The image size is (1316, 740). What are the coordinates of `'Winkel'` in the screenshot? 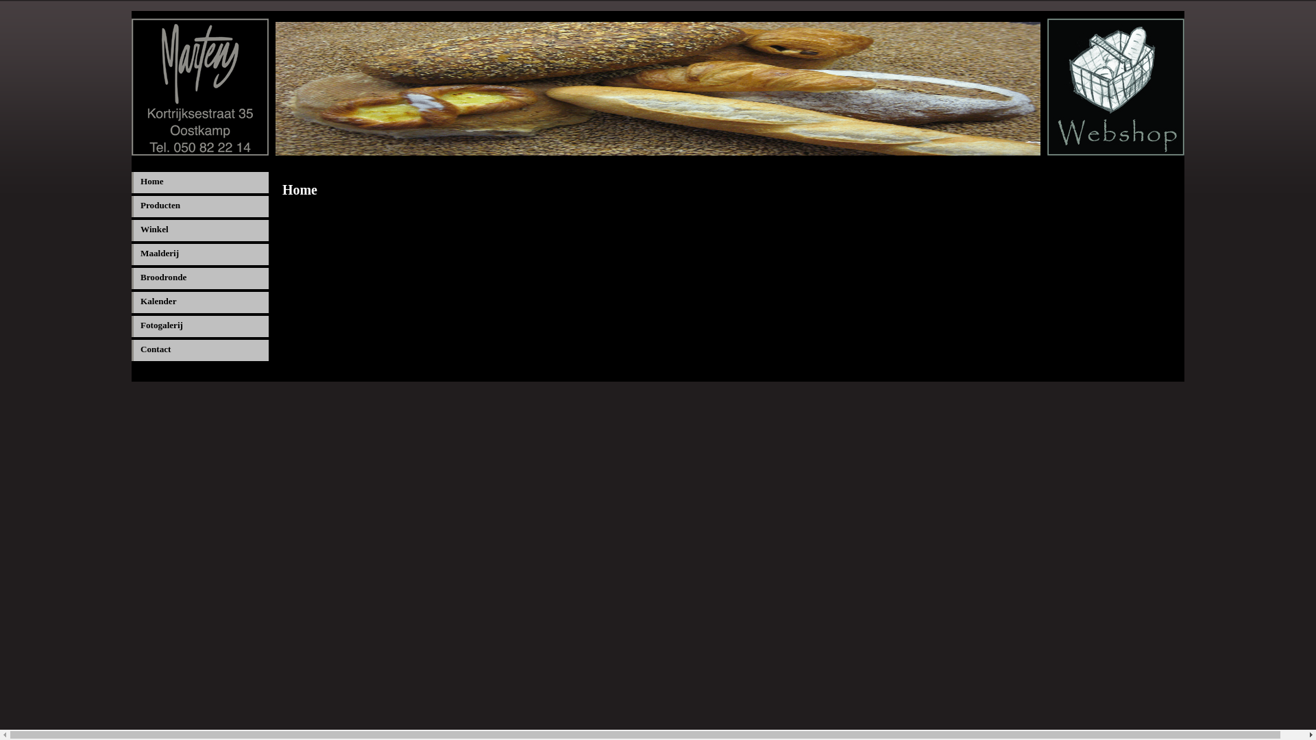 It's located at (199, 230).